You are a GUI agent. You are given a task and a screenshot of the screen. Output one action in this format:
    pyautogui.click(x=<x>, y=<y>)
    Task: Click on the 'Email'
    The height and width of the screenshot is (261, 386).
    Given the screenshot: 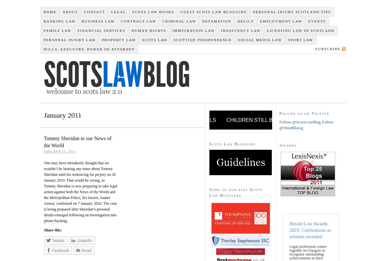 What is the action you would take?
    pyautogui.click(x=81, y=250)
    